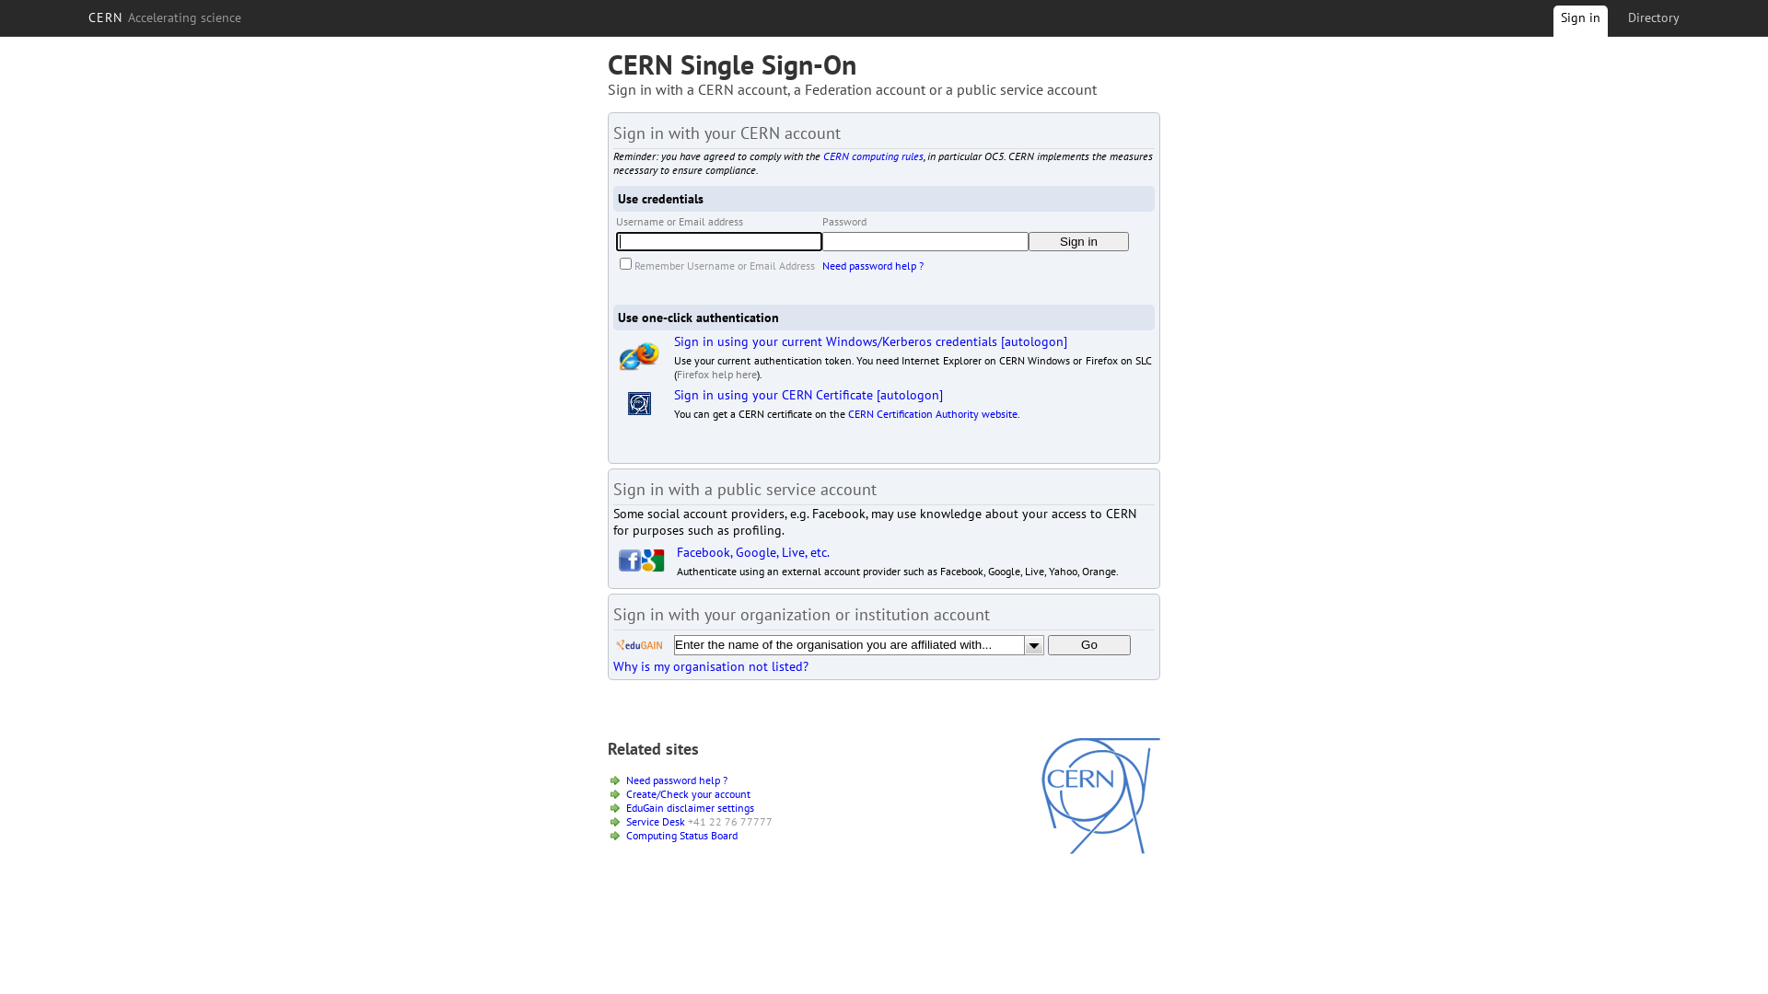  What do you see at coordinates (1088, 644) in the screenshot?
I see `'Go'` at bounding box center [1088, 644].